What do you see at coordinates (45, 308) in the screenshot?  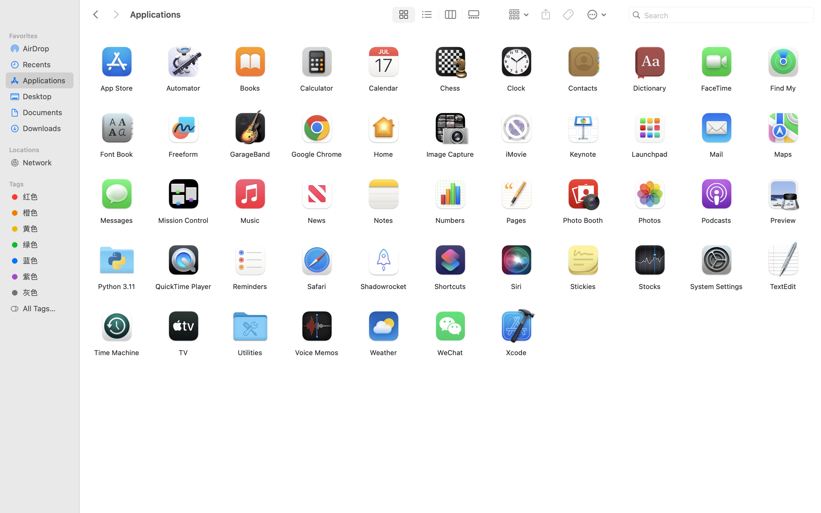 I see `'All Tags…'` at bounding box center [45, 308].